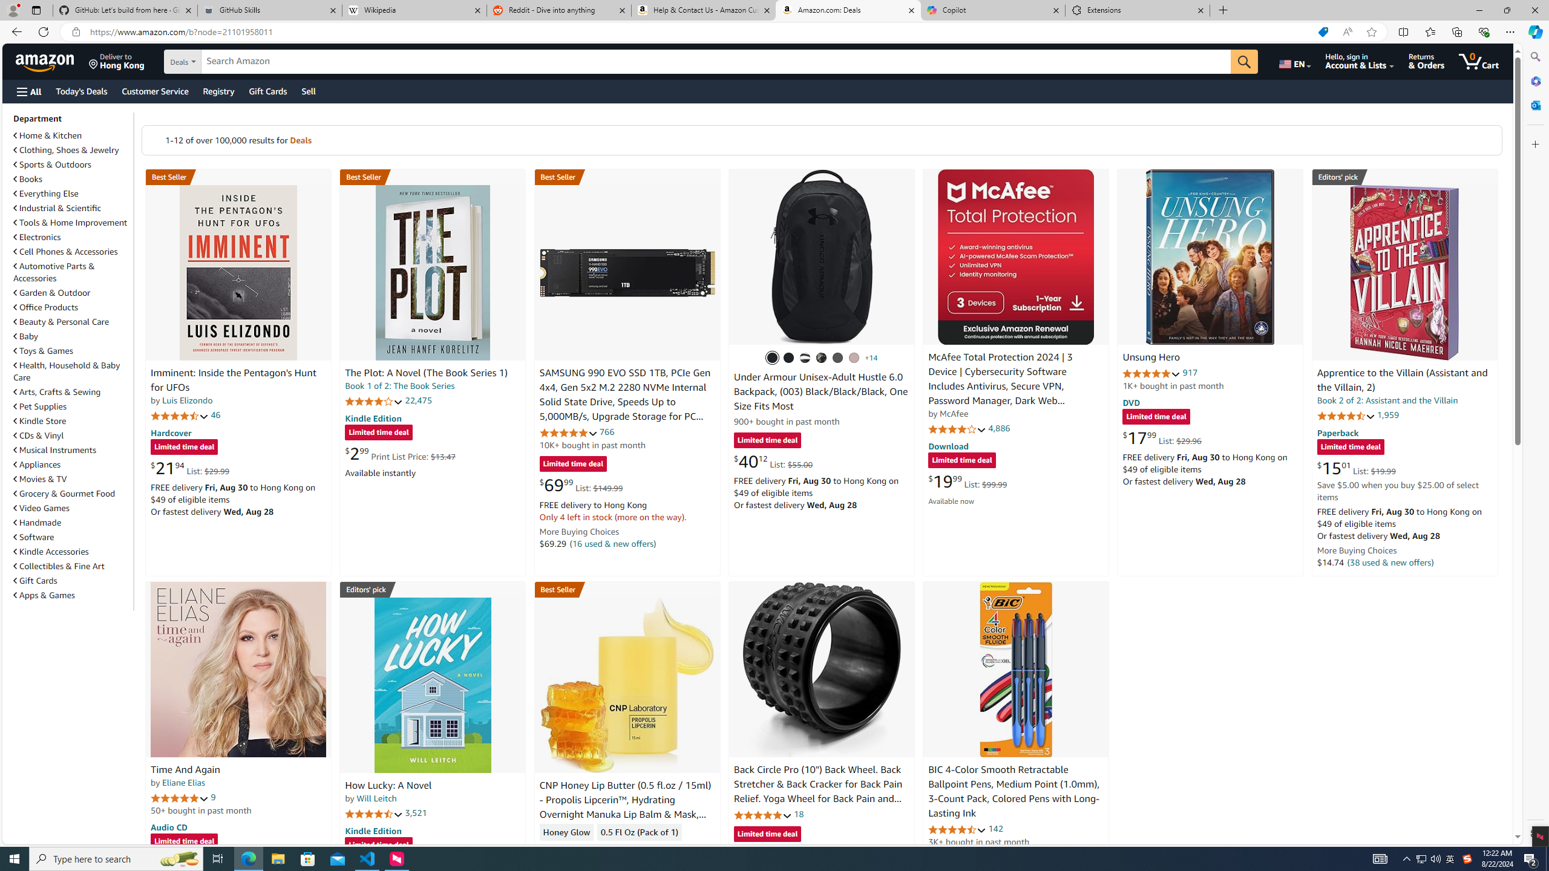  I want to click on '(001) Black / Black / Metallic Gold', so click(789, 357).